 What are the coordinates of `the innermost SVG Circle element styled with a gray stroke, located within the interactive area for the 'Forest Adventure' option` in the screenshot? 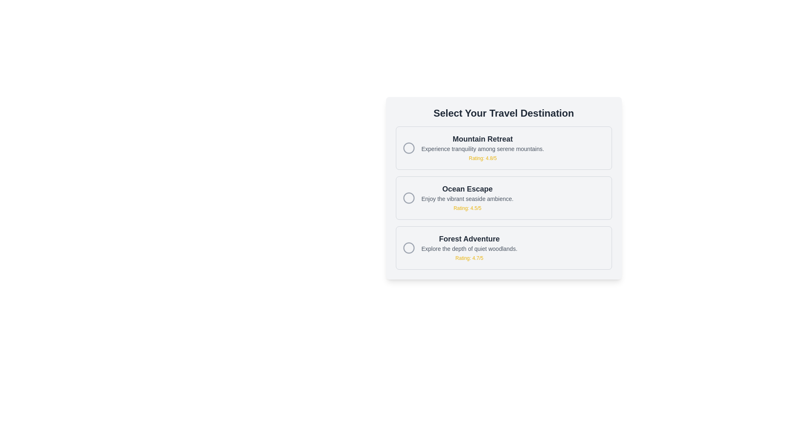 It's located at (409, 247).